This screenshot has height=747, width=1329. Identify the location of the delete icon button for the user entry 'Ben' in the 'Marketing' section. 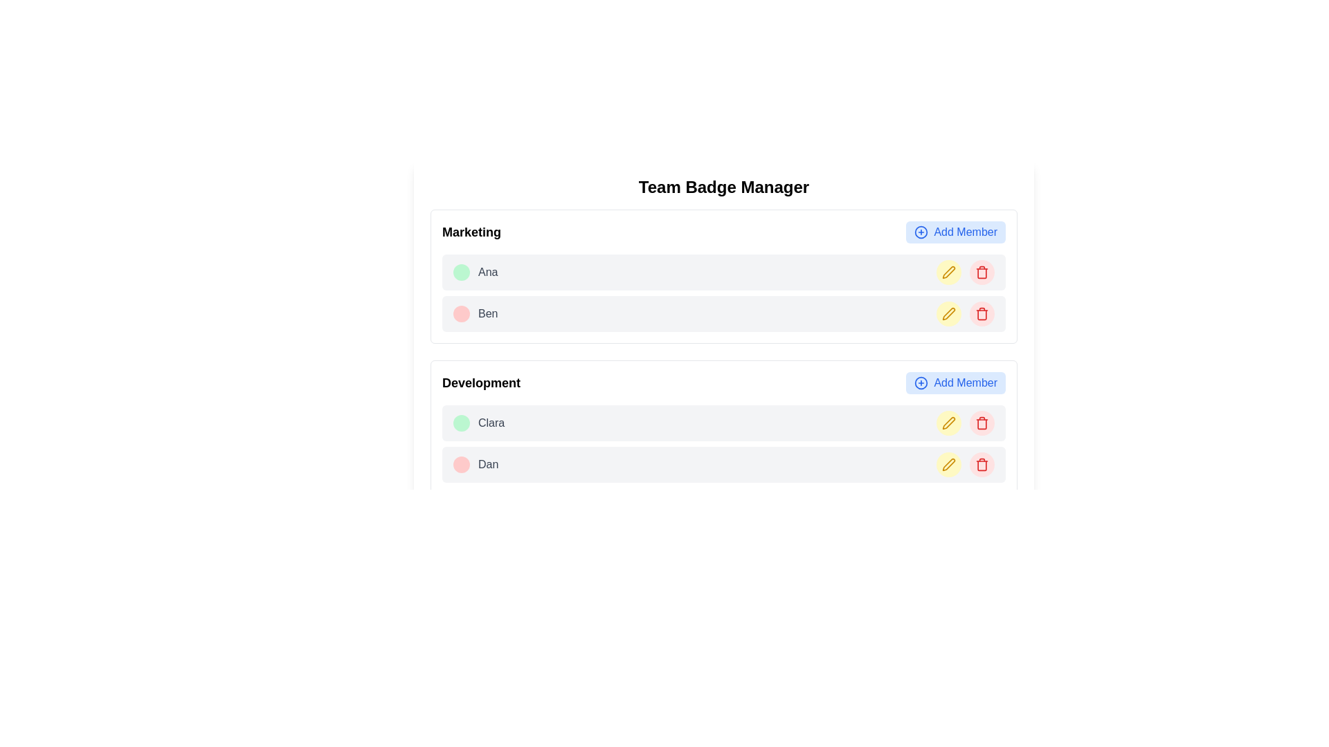
(982, 272).